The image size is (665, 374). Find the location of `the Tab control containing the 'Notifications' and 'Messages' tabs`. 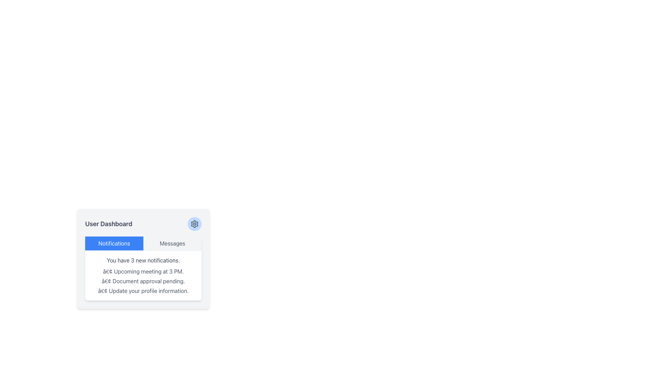

the Tab control containing the 'Notifications' and 'Messages' tabs is located at coordinates (143, 243).